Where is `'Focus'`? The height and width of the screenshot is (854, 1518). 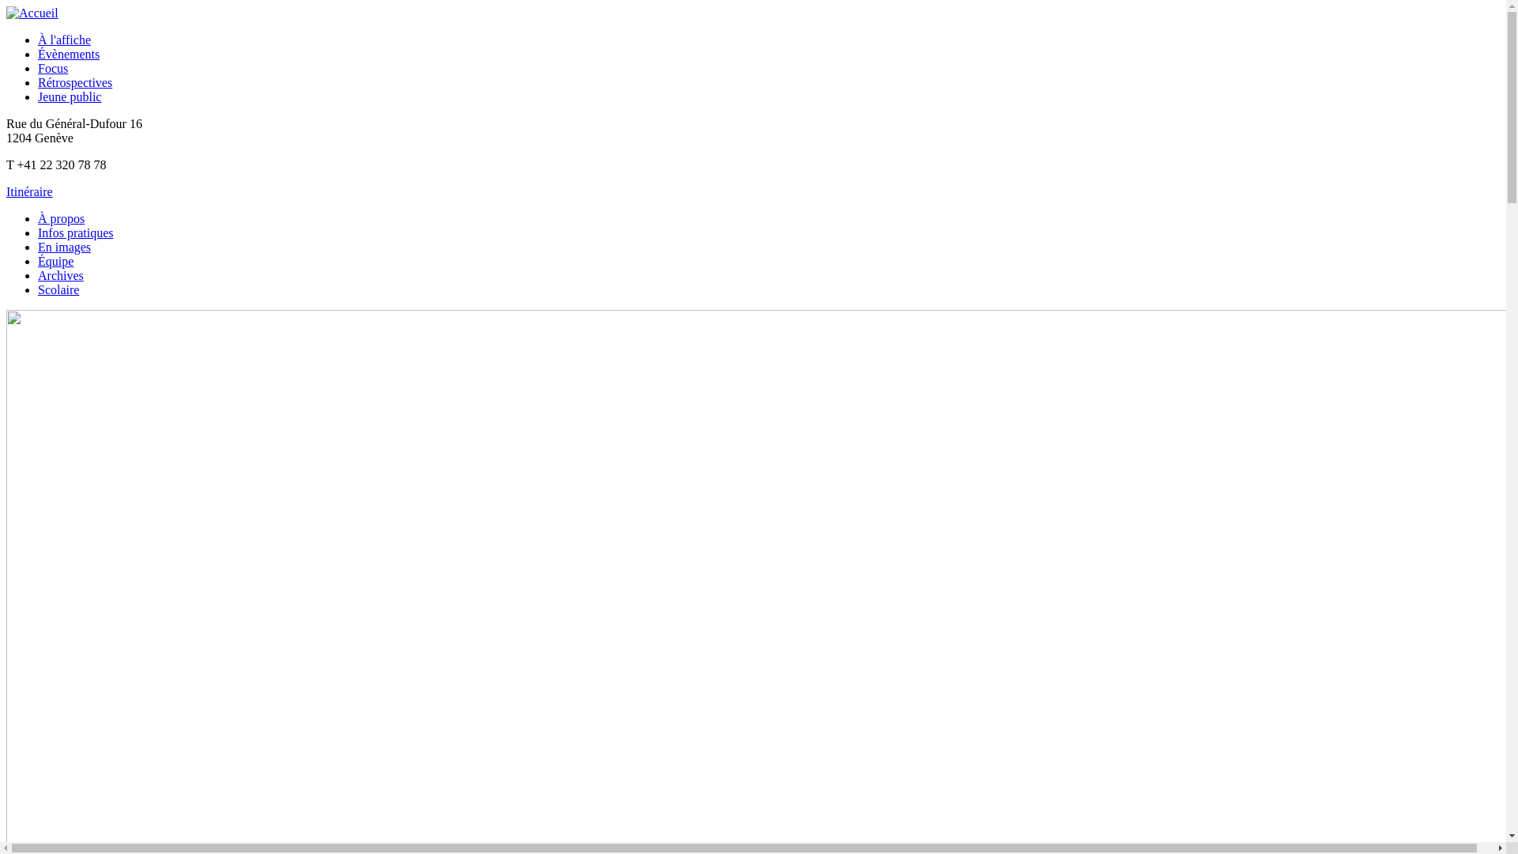
'Focus' is located at coordinates (38, 67).